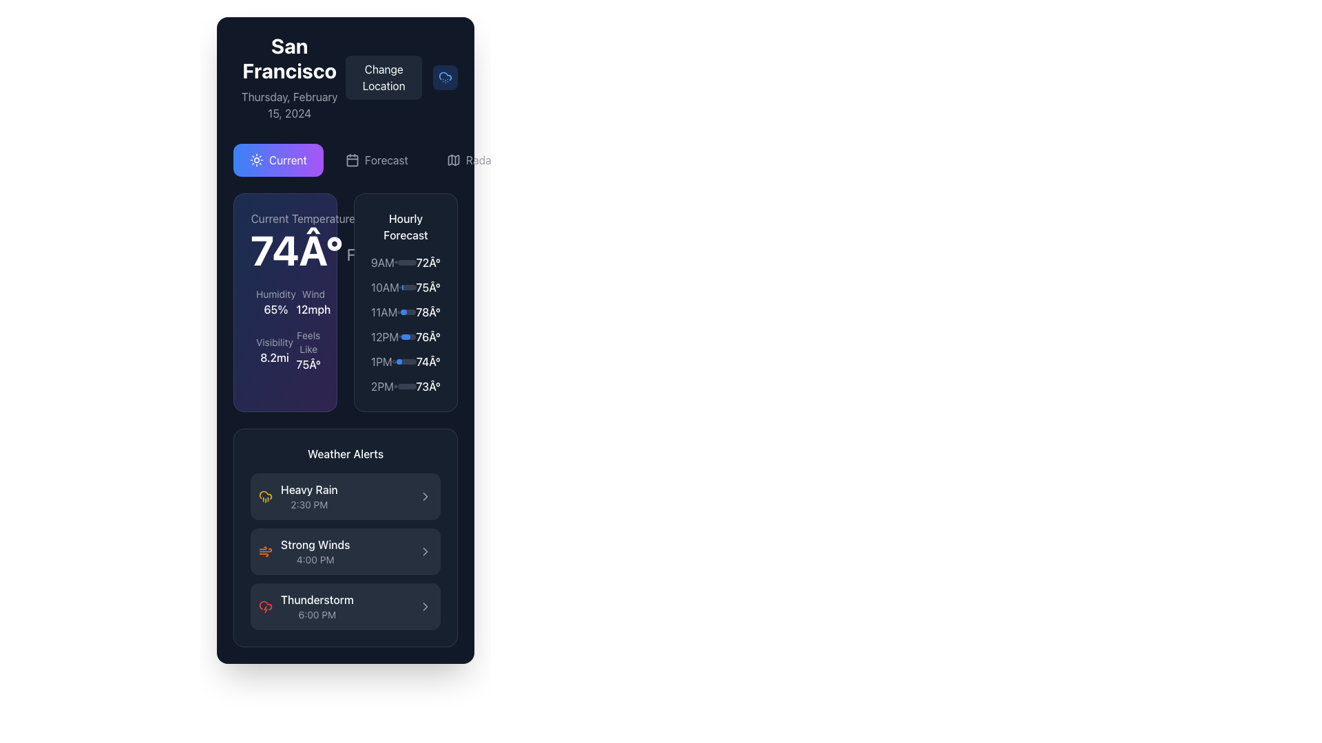 The height and width of the screenshot is (743, 1322). Describe the element at coordinates (405, 262) in the screenshot. I see `the first forecast item in the 'Hourly Forecast' section displaying '9AM' with a sun icon and a progress bar` at that location.